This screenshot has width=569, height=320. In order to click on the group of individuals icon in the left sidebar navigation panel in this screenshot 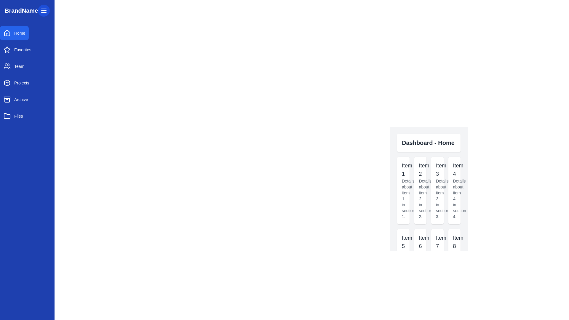, I will do `click(7, 66)`.